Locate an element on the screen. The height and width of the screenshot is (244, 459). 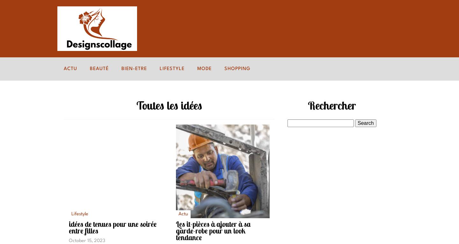
'Beauté' is located at coordinates (99, 68).